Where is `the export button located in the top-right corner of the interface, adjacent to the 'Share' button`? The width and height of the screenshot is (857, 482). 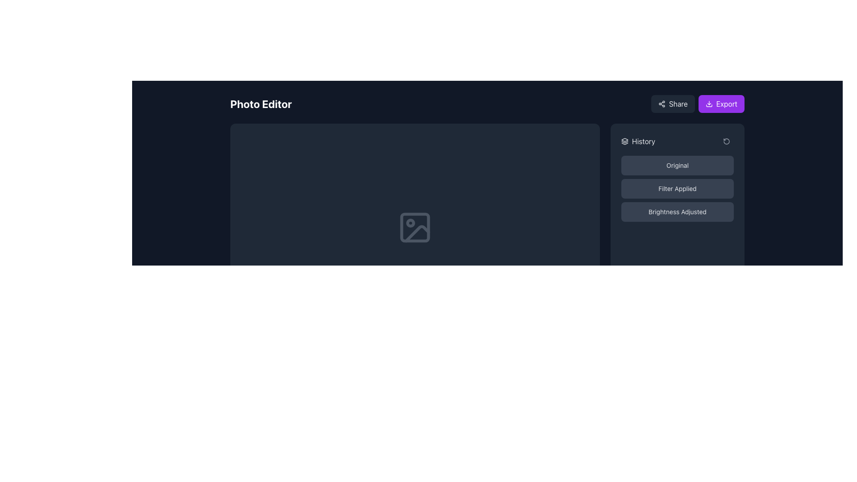
the export button located in the top-right corner of the interface, adjacent to the 'Share' button is located at coordinates (721, 103).